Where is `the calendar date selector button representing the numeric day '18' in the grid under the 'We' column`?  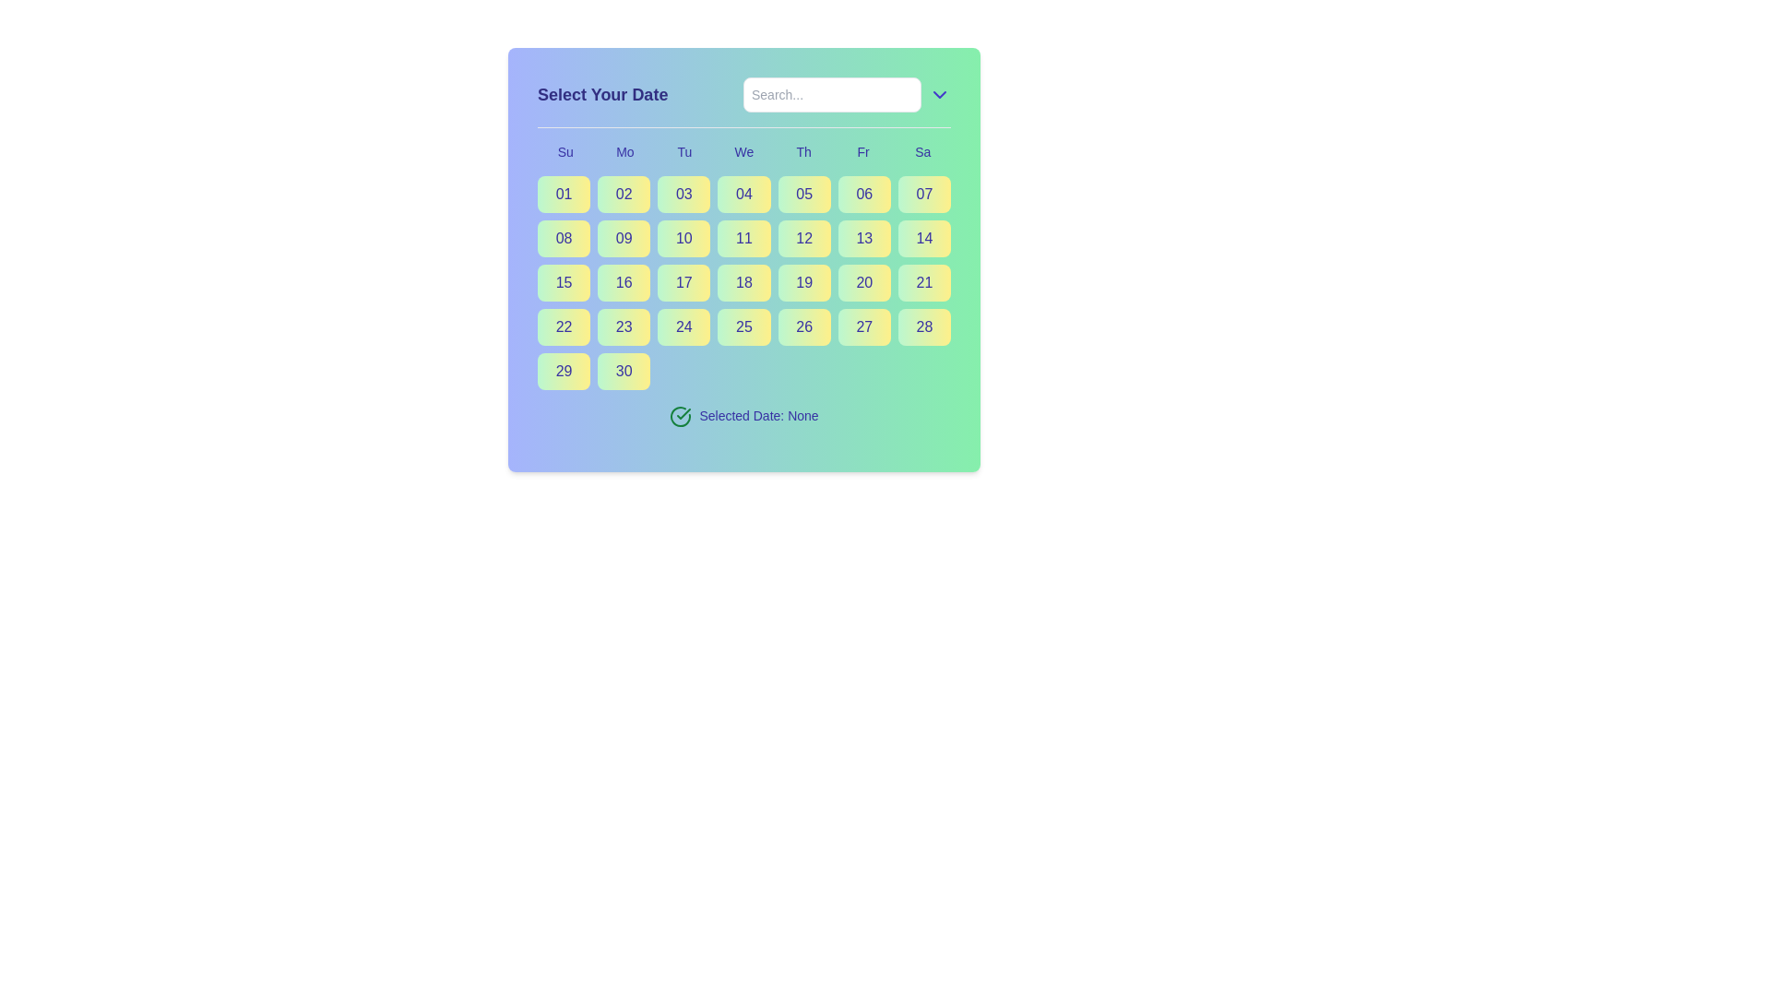 the calendar date selector button representing the numeric day '18' in the grid under the 'We' column is located at coordinates (743, 259).